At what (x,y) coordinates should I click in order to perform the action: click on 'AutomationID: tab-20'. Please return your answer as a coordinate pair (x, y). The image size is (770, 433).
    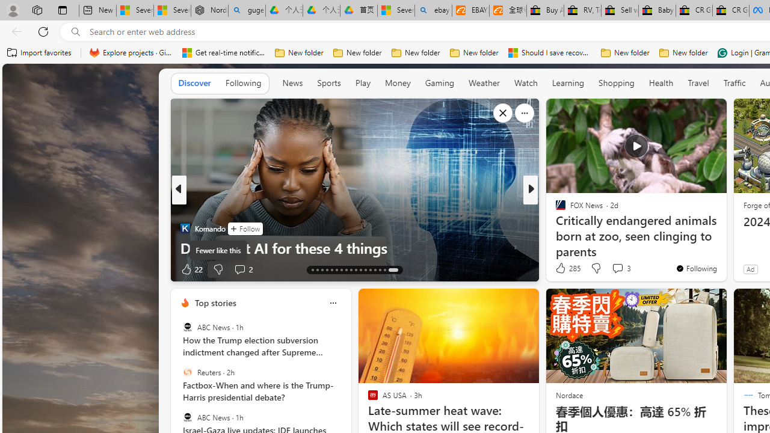
    Looking at the image, I should click on (345, 269).